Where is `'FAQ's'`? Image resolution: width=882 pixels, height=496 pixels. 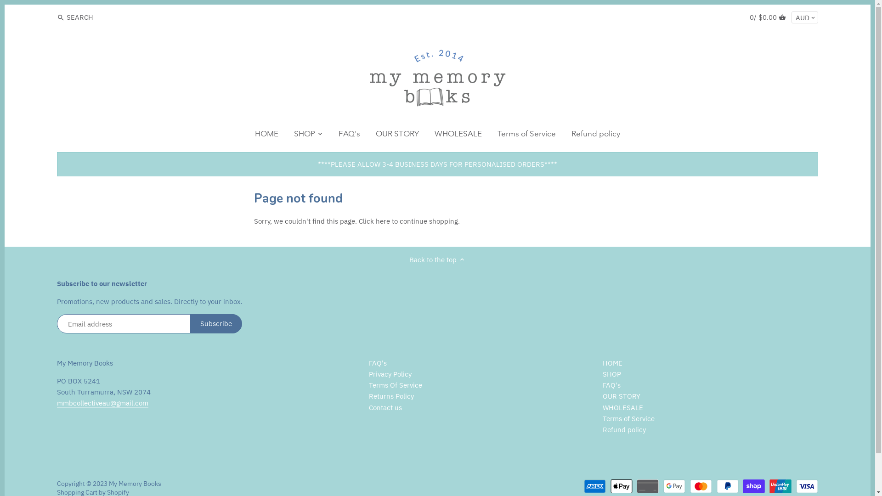 'FAQ's' is located at coordinates (378, 362).